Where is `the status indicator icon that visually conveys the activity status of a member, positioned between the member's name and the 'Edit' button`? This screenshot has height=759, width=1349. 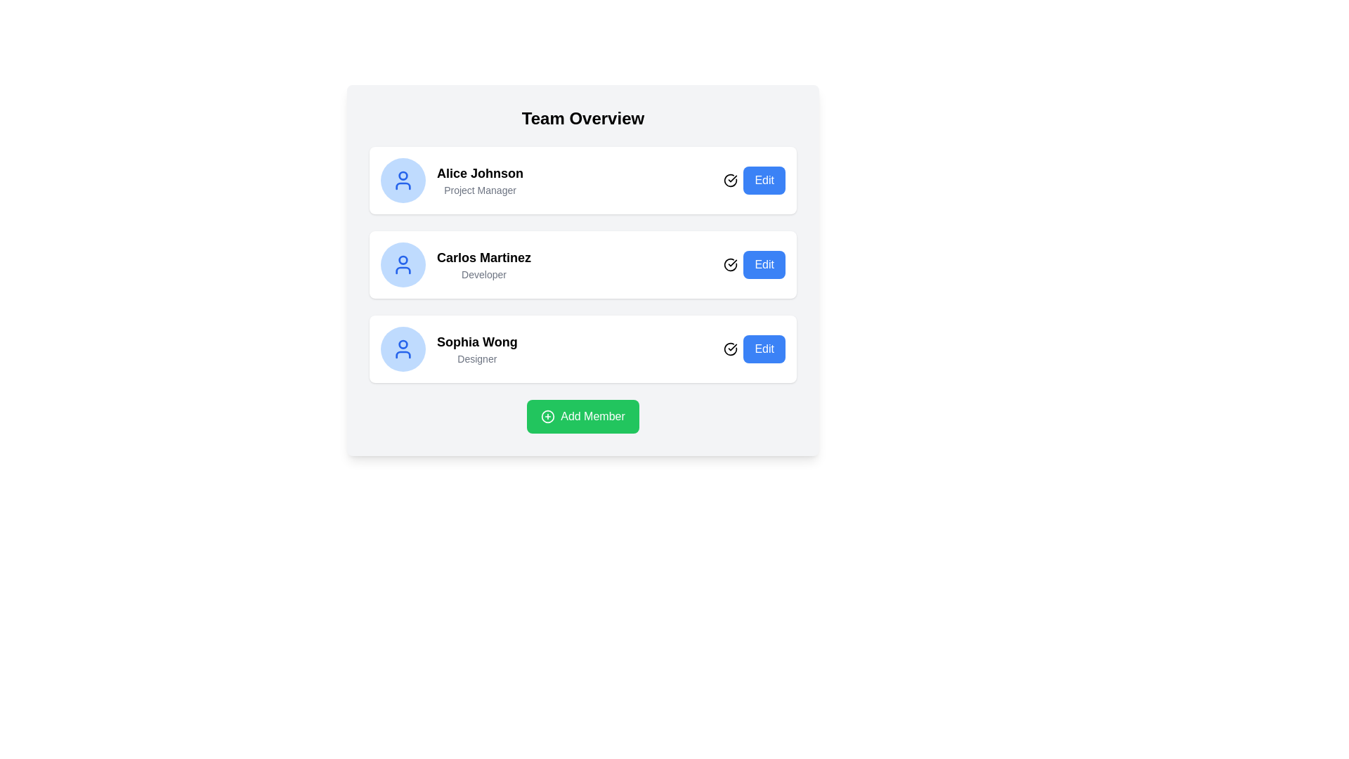
the status indicator icon that visually conveys the activity status of a member, positioned between the member's name and the 'Edit' button is located at coordinates (731, 180).